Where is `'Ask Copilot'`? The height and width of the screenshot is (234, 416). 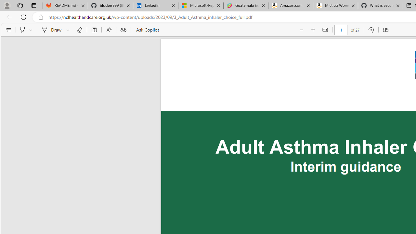 'Ask Copilot' is located at coordinates (147, 30).